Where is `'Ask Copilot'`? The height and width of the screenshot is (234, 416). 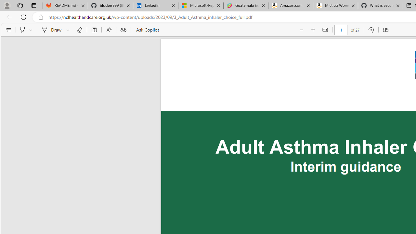 'Ask Copilot' is located at coordinates (147, 30).